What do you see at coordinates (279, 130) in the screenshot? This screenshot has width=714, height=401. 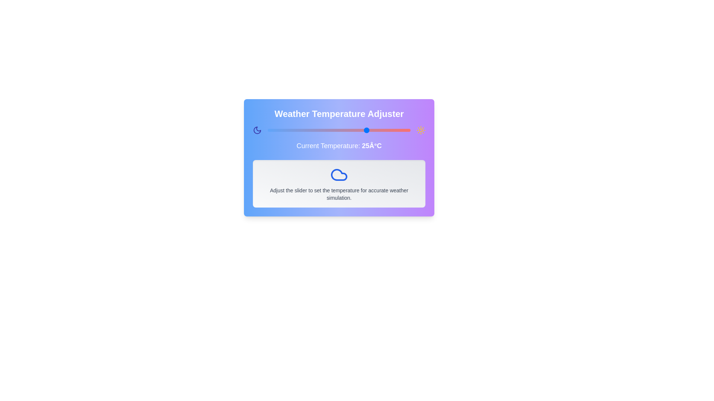 I see `the temperature slider to set the temperature to -6 degrees Celsius` at bounding box center [279, 130].